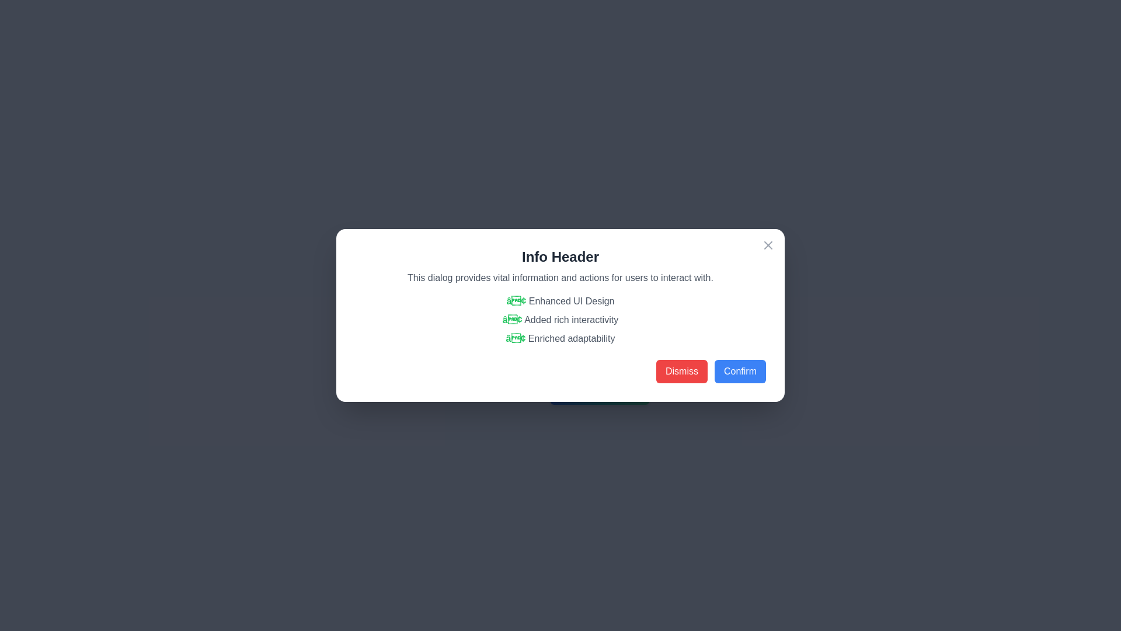 The height and width of the screenshot is (631, 1121). Describe the element at coordinates (560, 338) in the screenshot. I see `the Plain list item displaying the text '• Enriched adaptability' by moving the cursor to its center point` at that location.